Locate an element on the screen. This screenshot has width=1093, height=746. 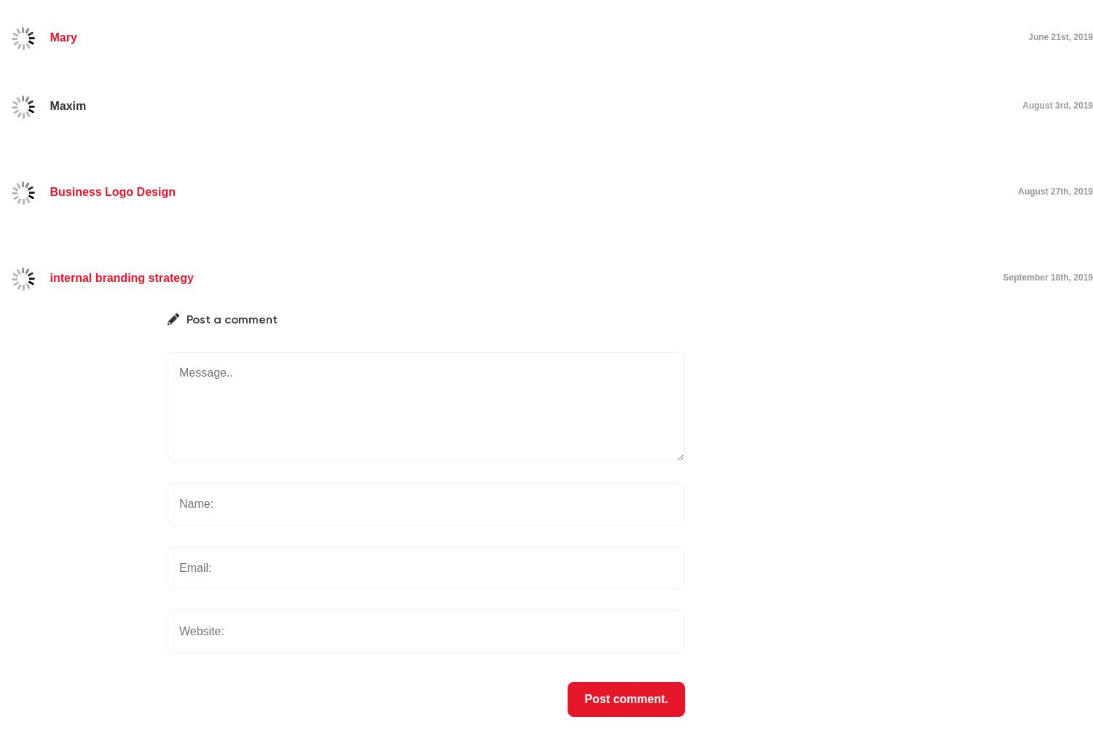
'Mary' is located at coordinates (62, 36).